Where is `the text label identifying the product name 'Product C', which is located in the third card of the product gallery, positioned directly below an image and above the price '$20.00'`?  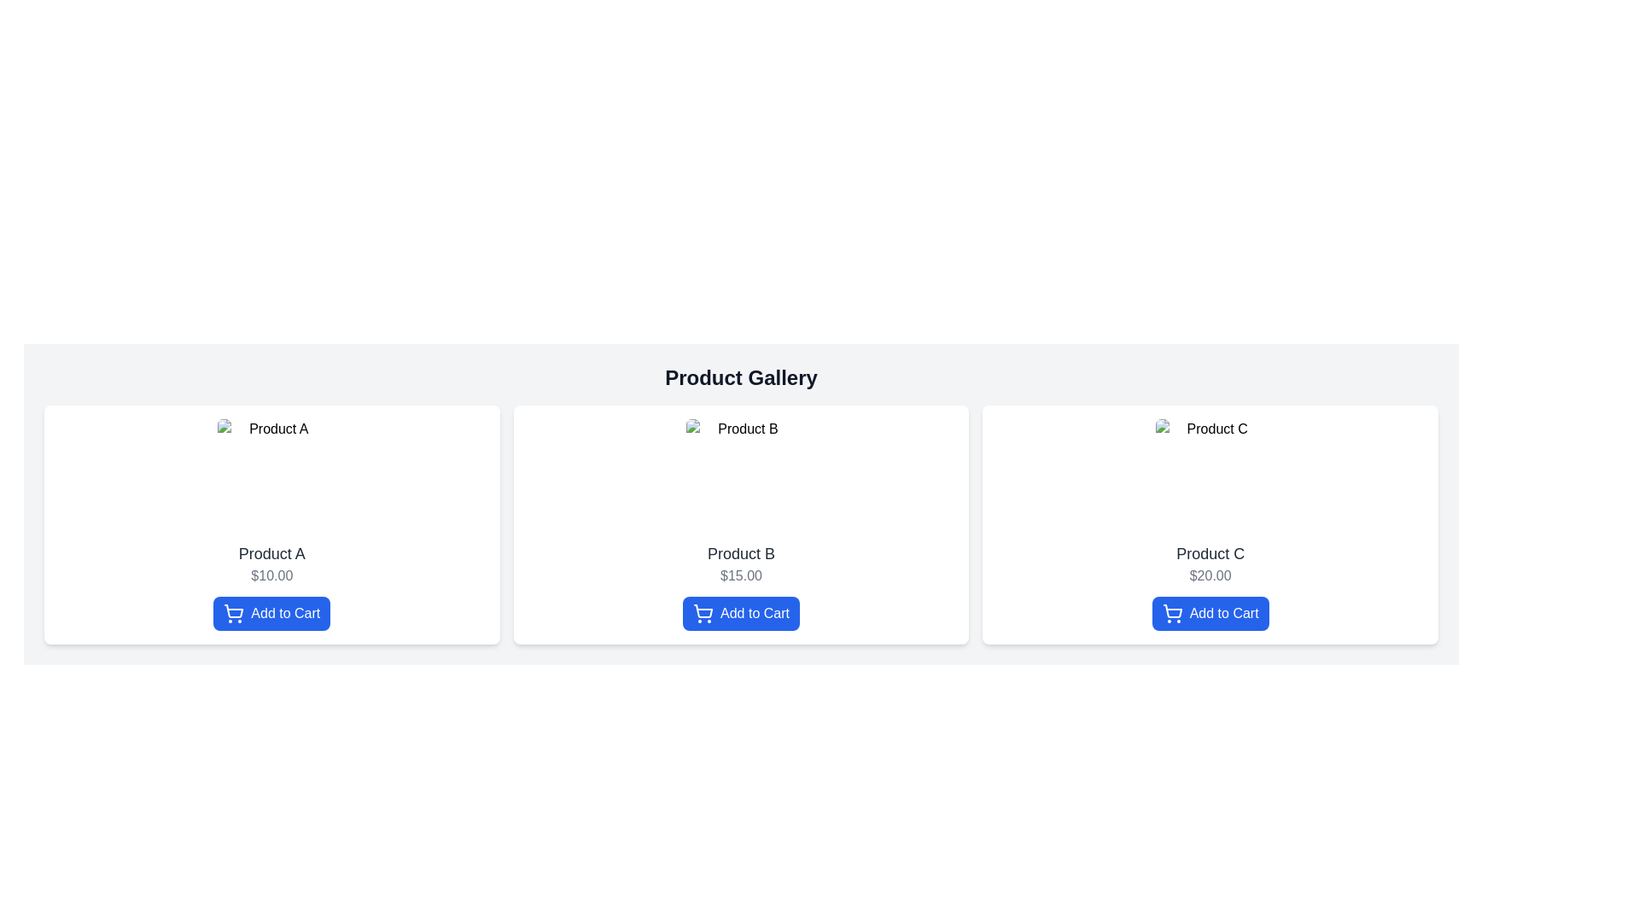 the text label identifying the product name 'Product C', which is located in the third card of the product gallery, positioned directly below an image and above the price '$20.00' is located at coordinates (1210, 553).